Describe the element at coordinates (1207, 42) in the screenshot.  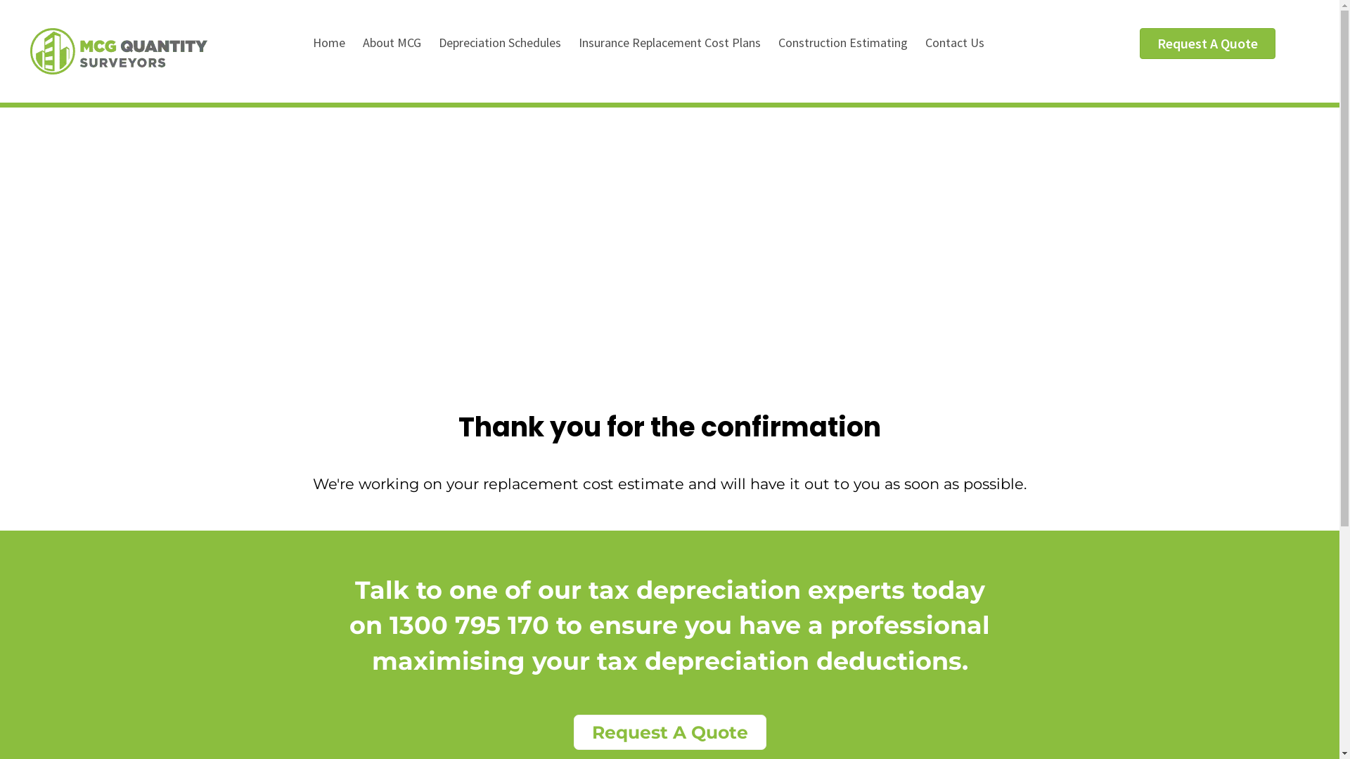
I see `'Request A Quote'` at that location.